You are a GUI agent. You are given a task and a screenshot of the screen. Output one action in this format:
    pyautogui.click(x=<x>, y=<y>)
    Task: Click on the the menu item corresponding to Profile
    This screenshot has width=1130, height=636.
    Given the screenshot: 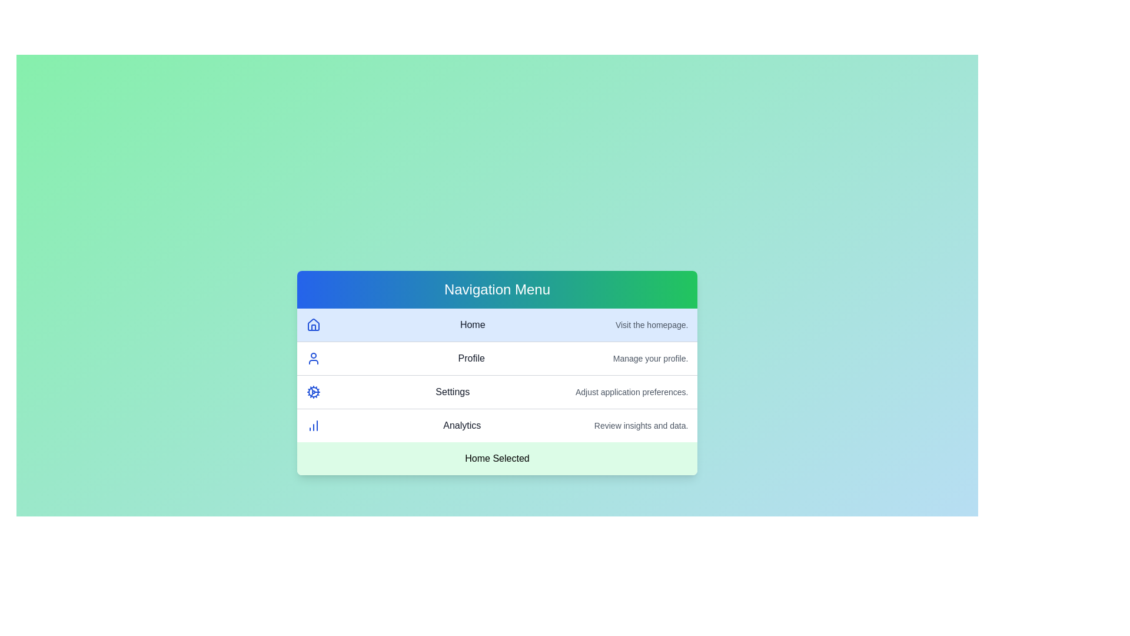 What is the action you would take?
    pyautogui.click(x=497, y=357)
    